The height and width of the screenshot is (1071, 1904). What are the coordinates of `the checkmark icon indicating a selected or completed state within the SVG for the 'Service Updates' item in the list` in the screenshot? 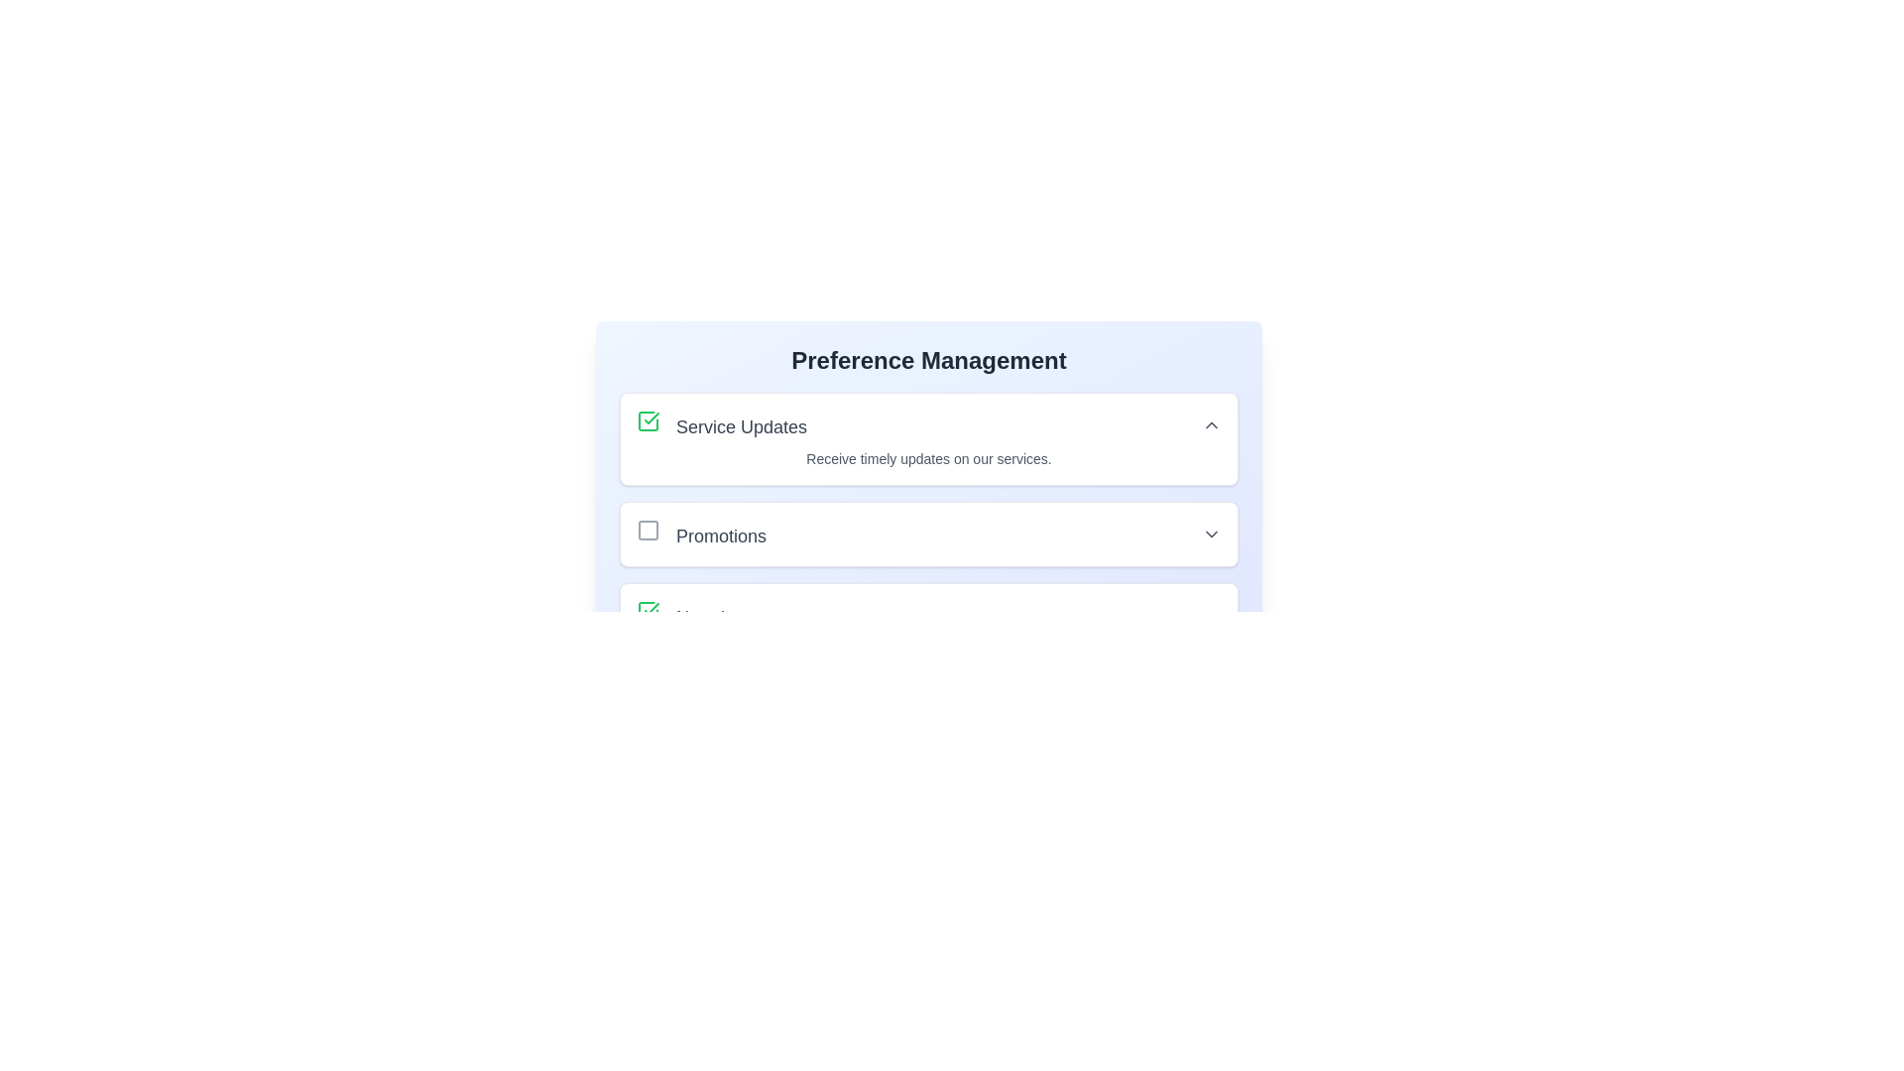 It's located at (652, 416).